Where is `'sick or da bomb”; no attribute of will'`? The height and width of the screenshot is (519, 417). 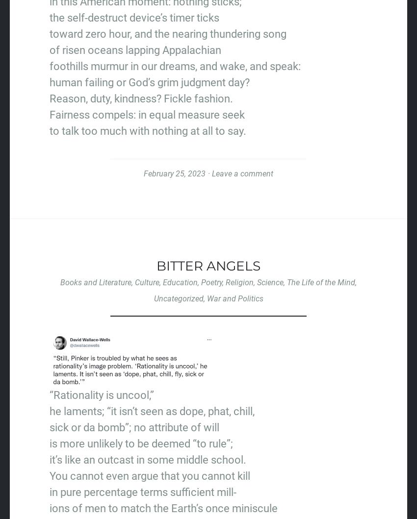
'sick or da bomb”; no attribute of will' is located at coordinates (134, 427).